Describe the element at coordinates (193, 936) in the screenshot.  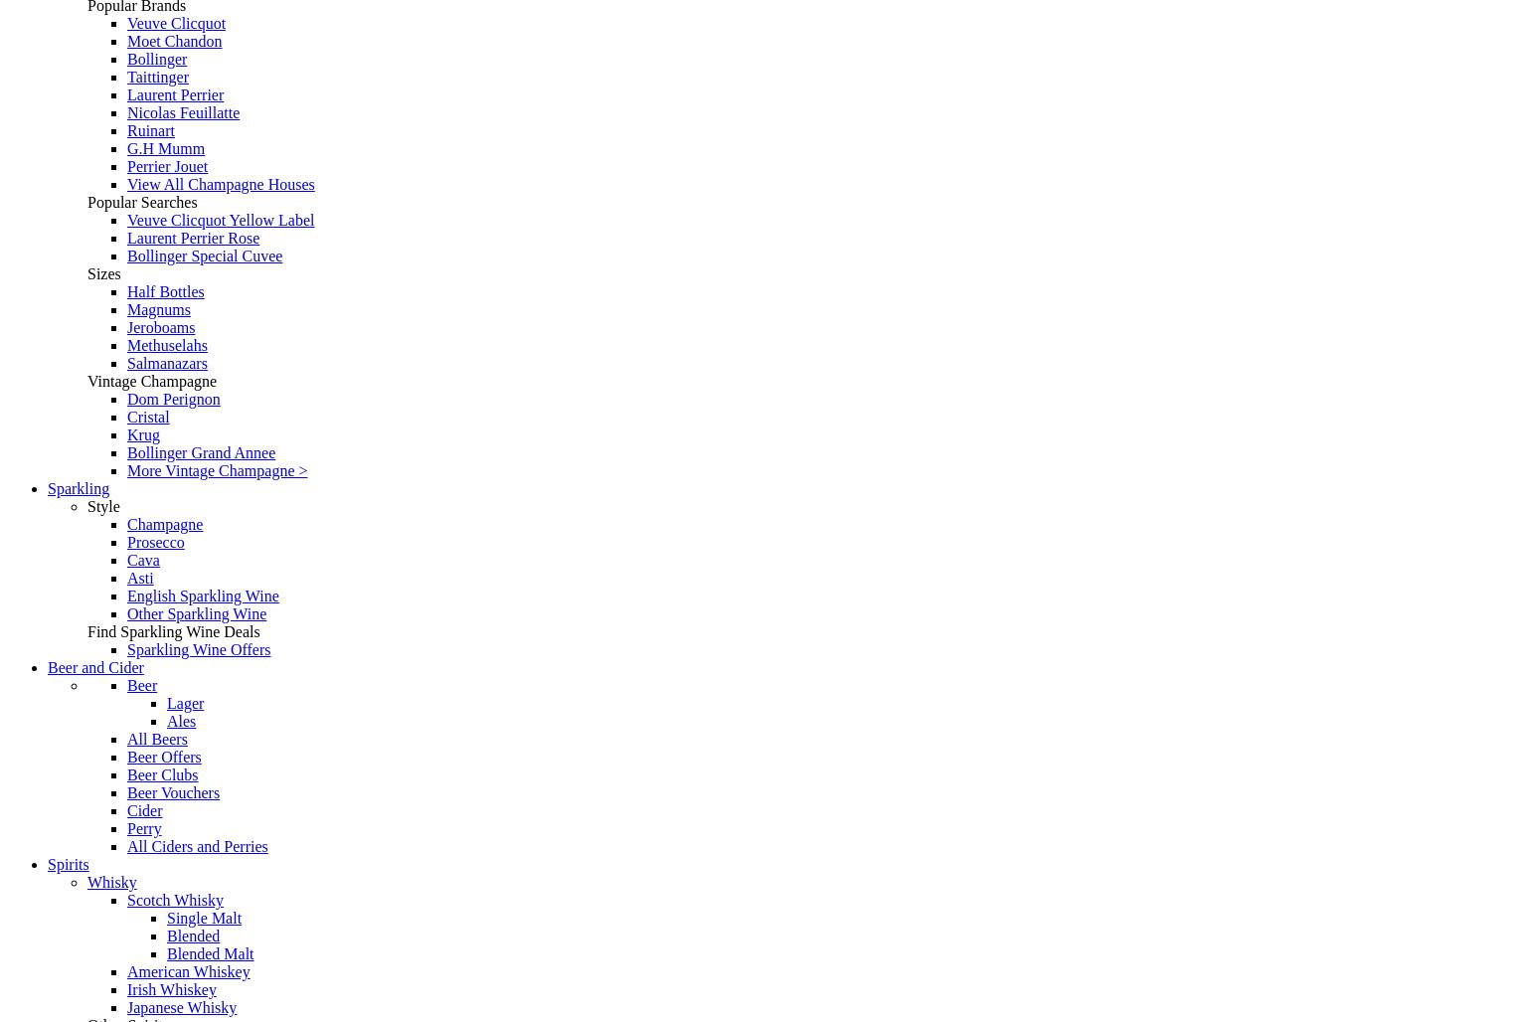
I see `'Blended'` at that location.